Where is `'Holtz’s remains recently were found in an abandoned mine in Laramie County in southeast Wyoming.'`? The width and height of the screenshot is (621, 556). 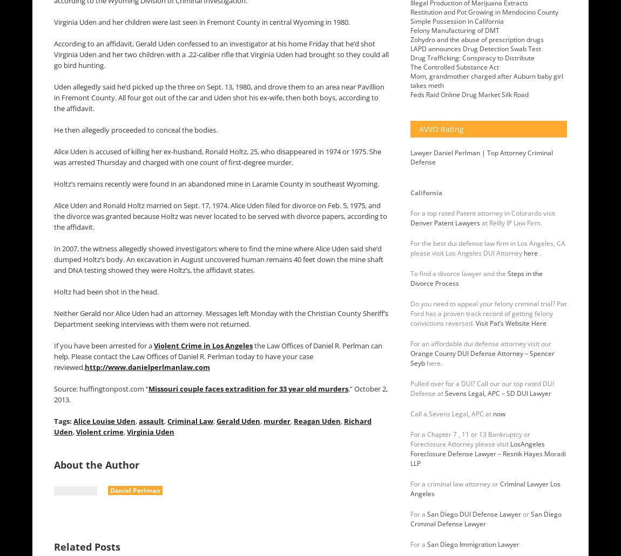 'Holtz’s remains recently were found in an abandoned mine in Laramie County in southeast Wyoming.' is located at coordinates (217, 183).